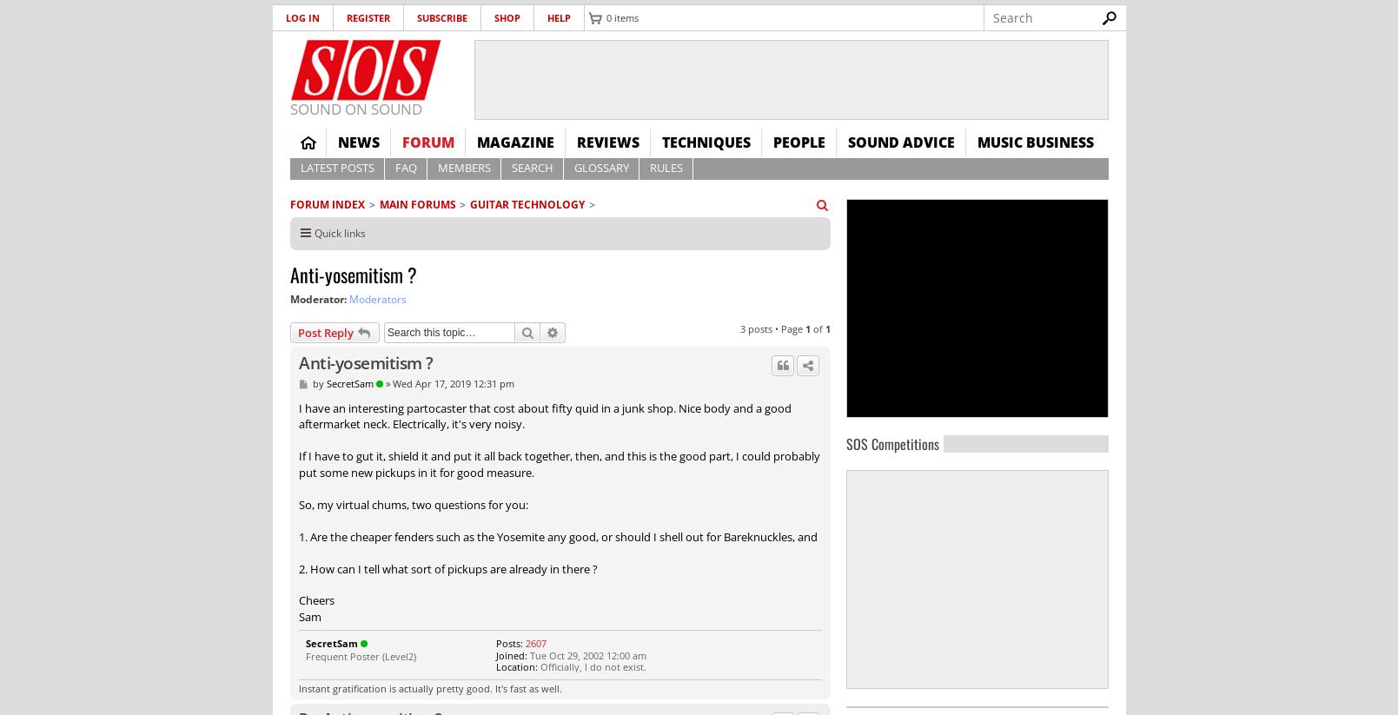 The height and width of the screenshot is (715, 1398). Describe the element at coordinates (899, 142) in the screenshot. I see `'Sound Advice'` at that location.